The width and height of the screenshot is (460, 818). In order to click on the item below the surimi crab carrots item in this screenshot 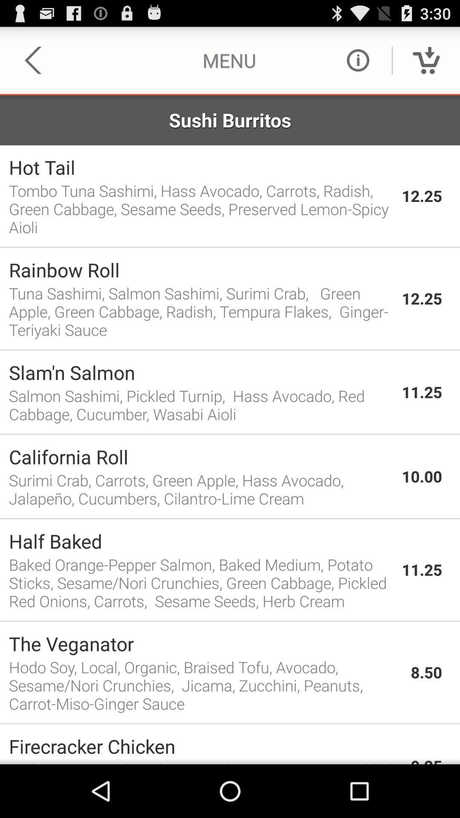, I will do `click(230, 518)`.